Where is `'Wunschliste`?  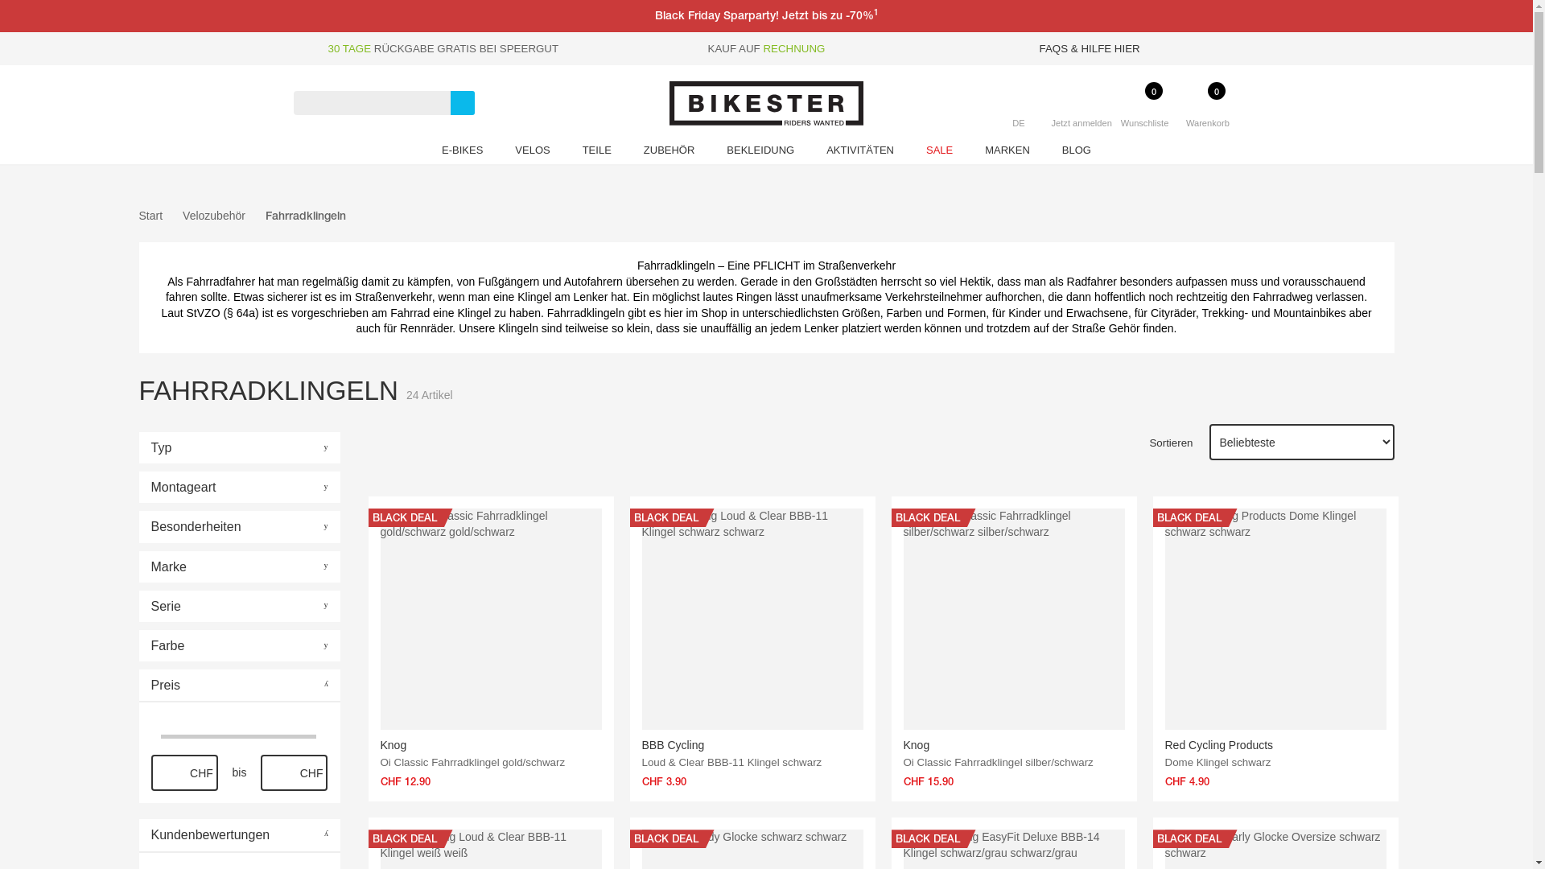
'Wunschliste is located at coordinates (1111, 117).